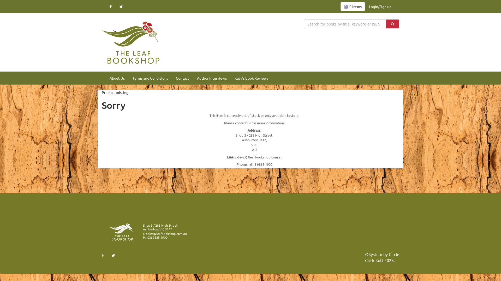 This screenshot has height=281, width=501. Describe the element at coordinates (172, 78) in the screenshot. I see `'Contact'` at that location.